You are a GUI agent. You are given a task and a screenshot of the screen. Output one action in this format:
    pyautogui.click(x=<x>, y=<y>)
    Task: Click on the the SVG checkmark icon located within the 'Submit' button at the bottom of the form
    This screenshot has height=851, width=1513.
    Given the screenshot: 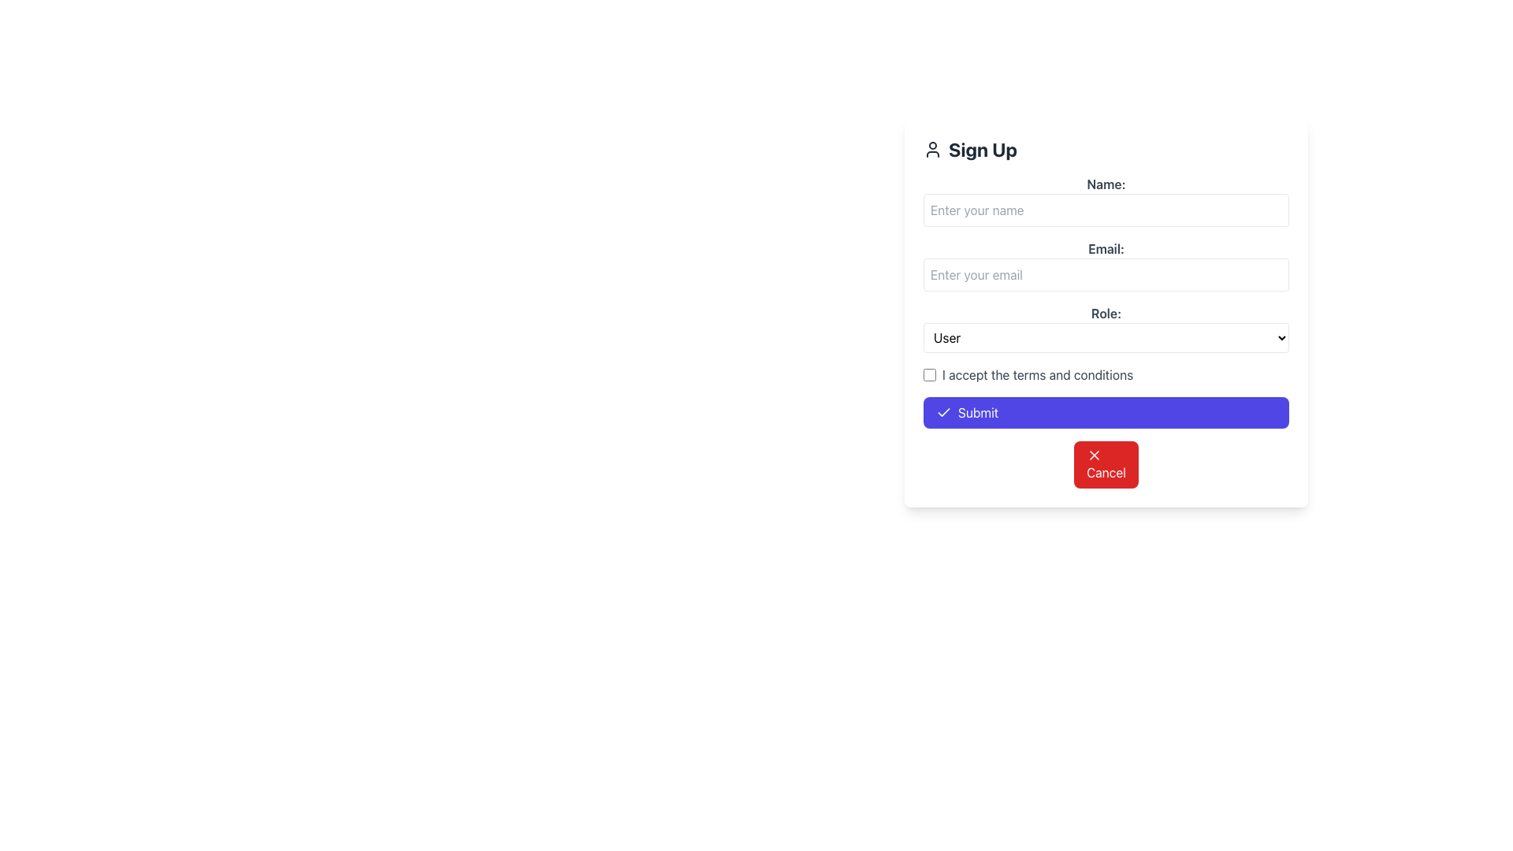 What is the action you would take?
    pyautogui.click(x=944, y=412)
    